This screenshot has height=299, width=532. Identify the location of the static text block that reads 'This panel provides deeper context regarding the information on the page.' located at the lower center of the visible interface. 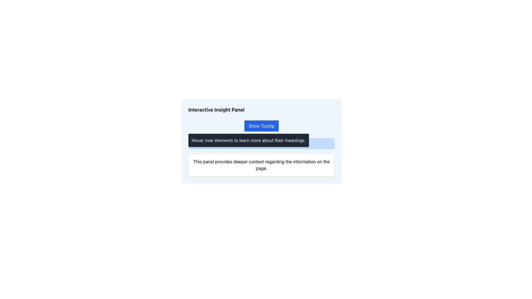
(261, 165).